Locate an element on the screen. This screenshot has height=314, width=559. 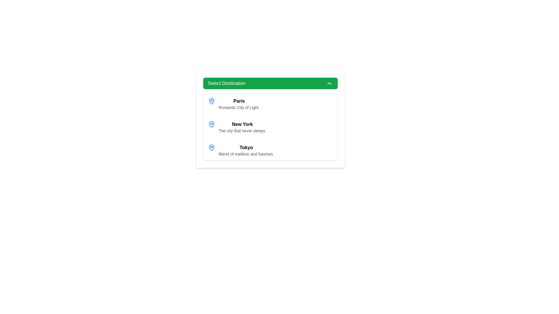
the descriptive text element for 'New York' in the dropdown list titled 'Select Destination', which provides additional information about the destination is located at coordinates (242, 131).